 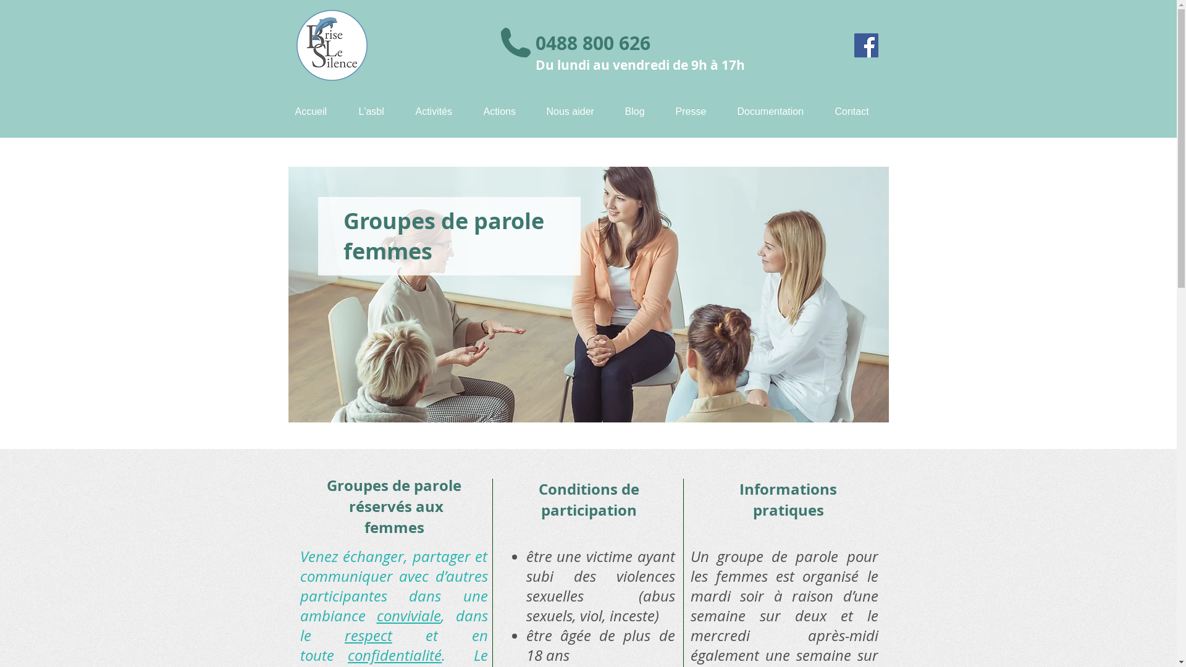 What do you see at coordinates (857, 111) in the screenshot?
I see `'Contact'` at bounding box center [857, 111].